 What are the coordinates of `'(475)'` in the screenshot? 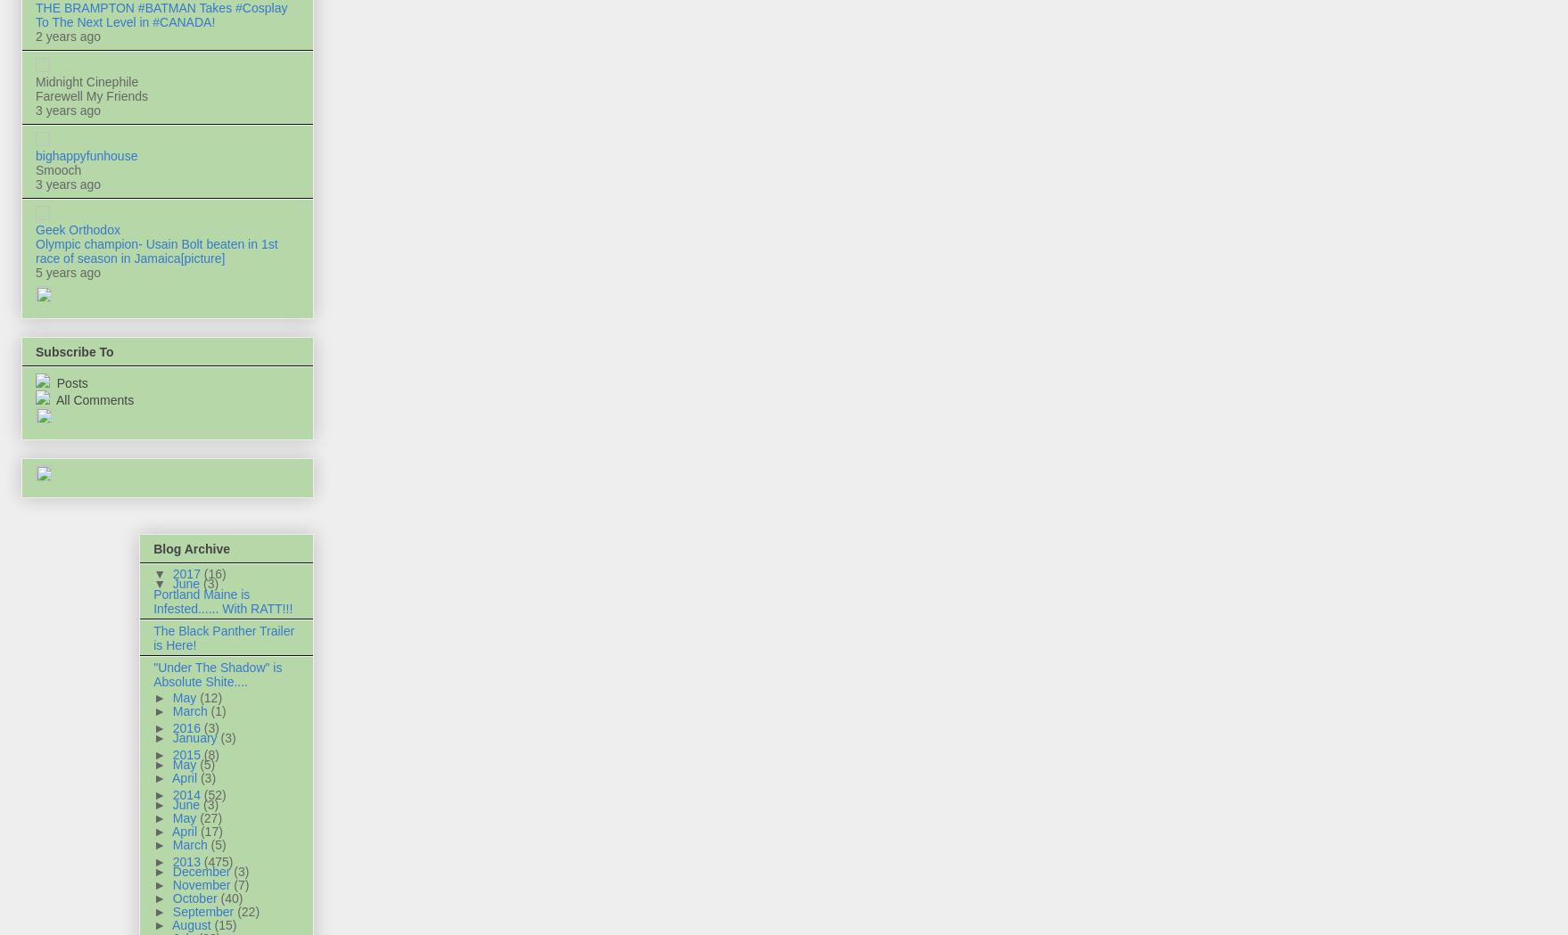 It's located at (202, 861).